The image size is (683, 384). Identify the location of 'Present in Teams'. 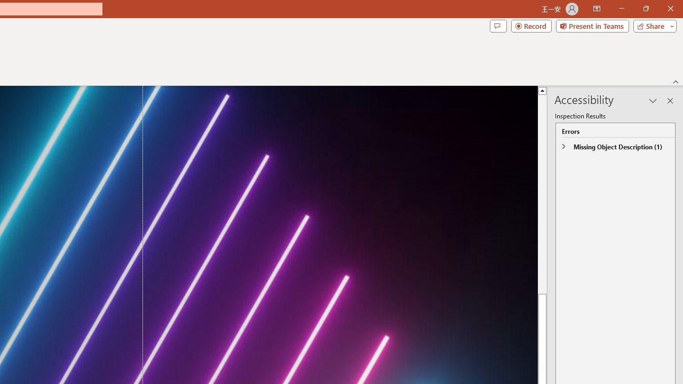
(592, 25).